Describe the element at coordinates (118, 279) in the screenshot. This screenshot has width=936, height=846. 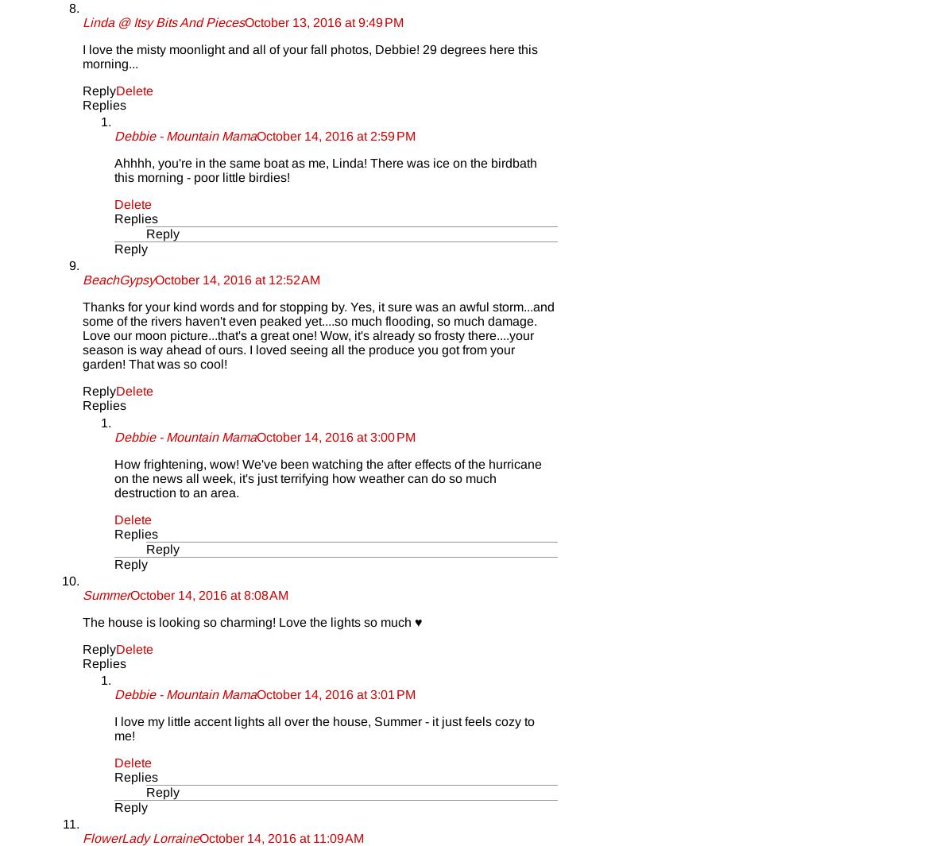
I see `'BeachGypsy'` at that location.